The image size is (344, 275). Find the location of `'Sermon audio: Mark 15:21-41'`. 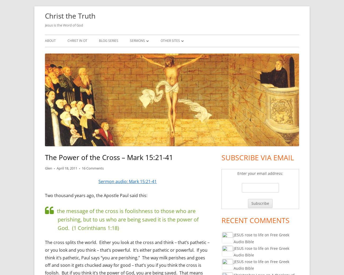

'Sermon audio: Mark 15:21-41' is located at coordinates (127, 181).